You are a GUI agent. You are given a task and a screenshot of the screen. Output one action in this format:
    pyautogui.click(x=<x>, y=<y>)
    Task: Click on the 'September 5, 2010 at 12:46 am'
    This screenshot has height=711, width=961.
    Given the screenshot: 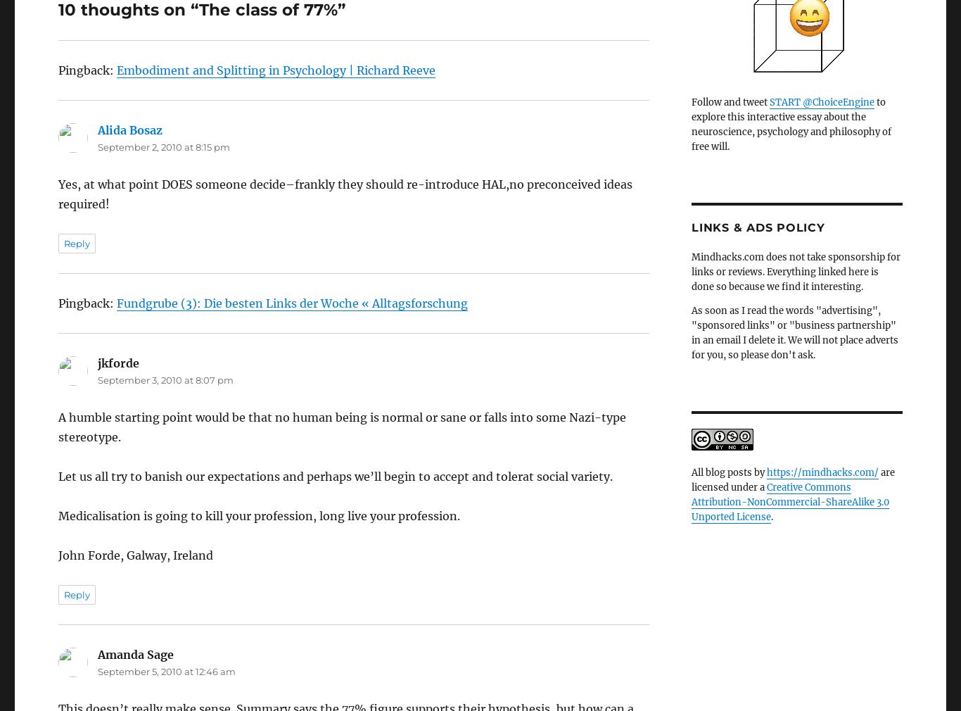 What is the action you would take?
    pyautogui.click(x=167, y=633)
    